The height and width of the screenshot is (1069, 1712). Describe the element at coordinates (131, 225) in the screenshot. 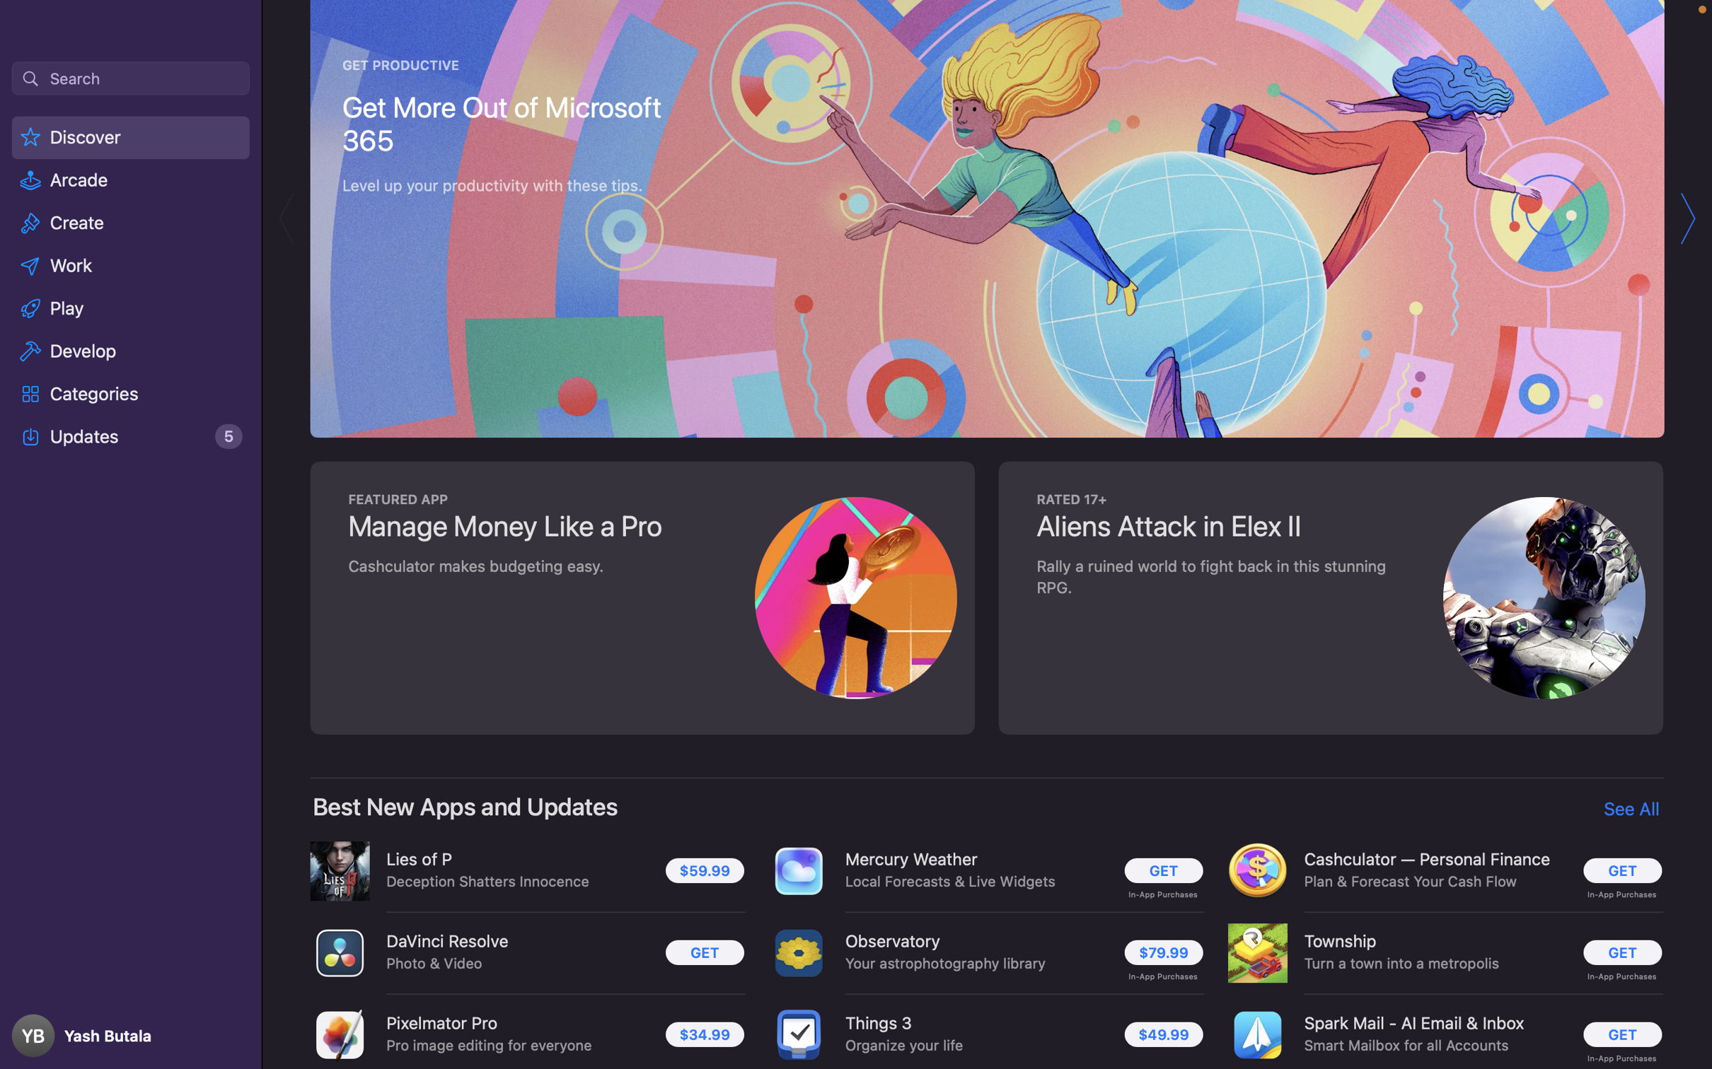

I see `the "Create" option` at that location.